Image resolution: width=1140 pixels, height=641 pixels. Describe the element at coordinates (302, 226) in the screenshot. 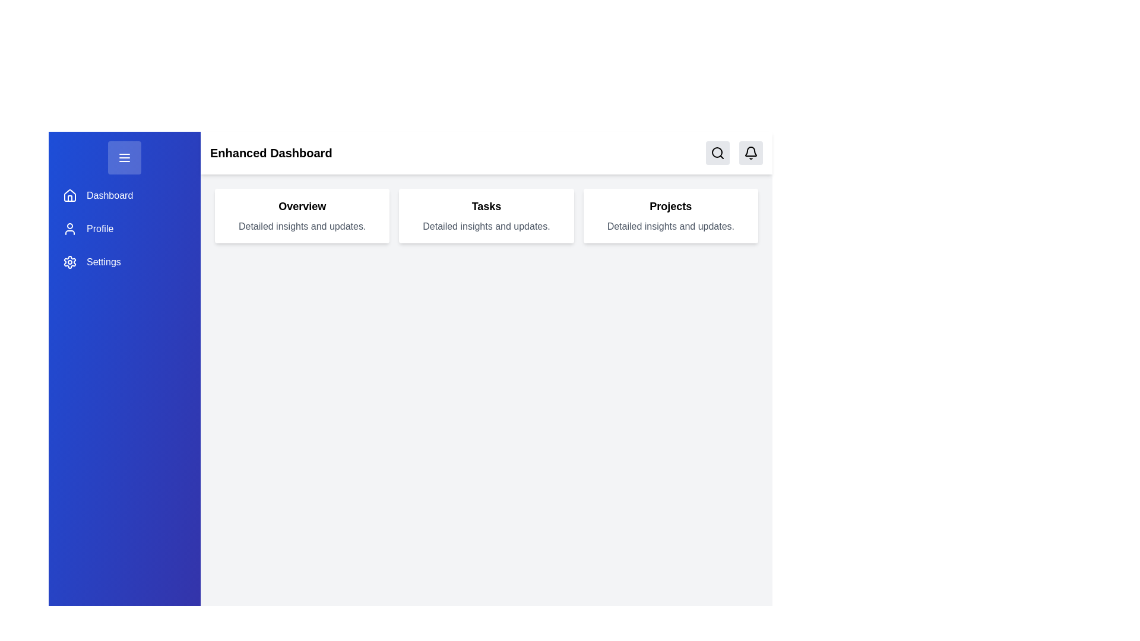

I see `text passage stating 'Detailed insights and updates.' which is styled in gray and located below the heading 'Overview' in the first card` at that location.